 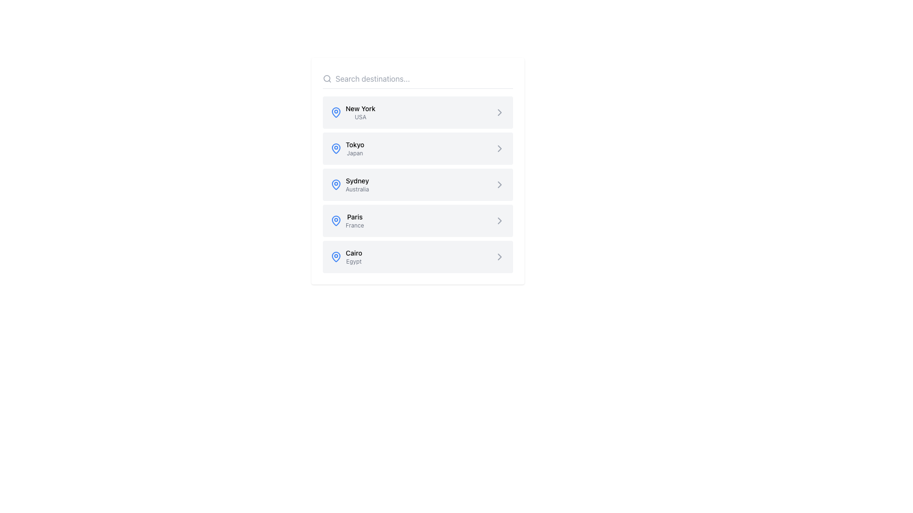 I want to click on the rightward Chevron Icon located at the far-right end of the 'Cairo, Egypt' list item, so click(x=499, y=256).